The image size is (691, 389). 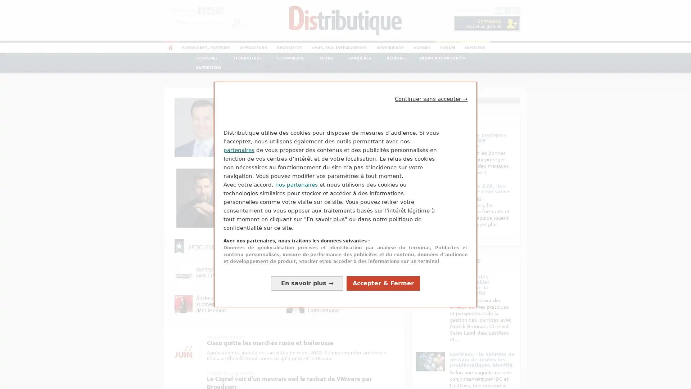 I want to click on Ok, so click(x=236, y=22).